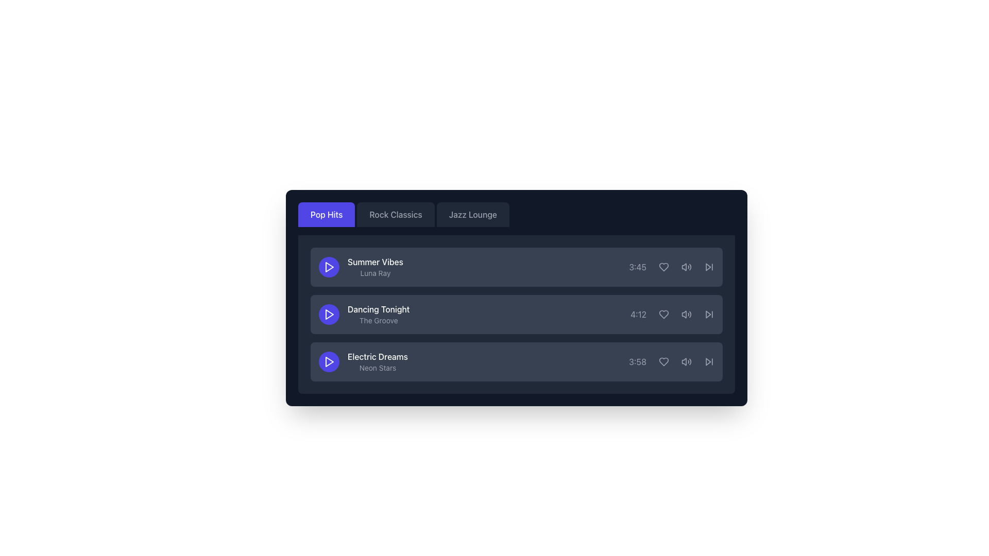  What do you see at coordinates (328, 267) in the screenshot?
I see `the play button icon for the song 'Summer Vibes' by Luna Ray` at bounding box center [328, 267].